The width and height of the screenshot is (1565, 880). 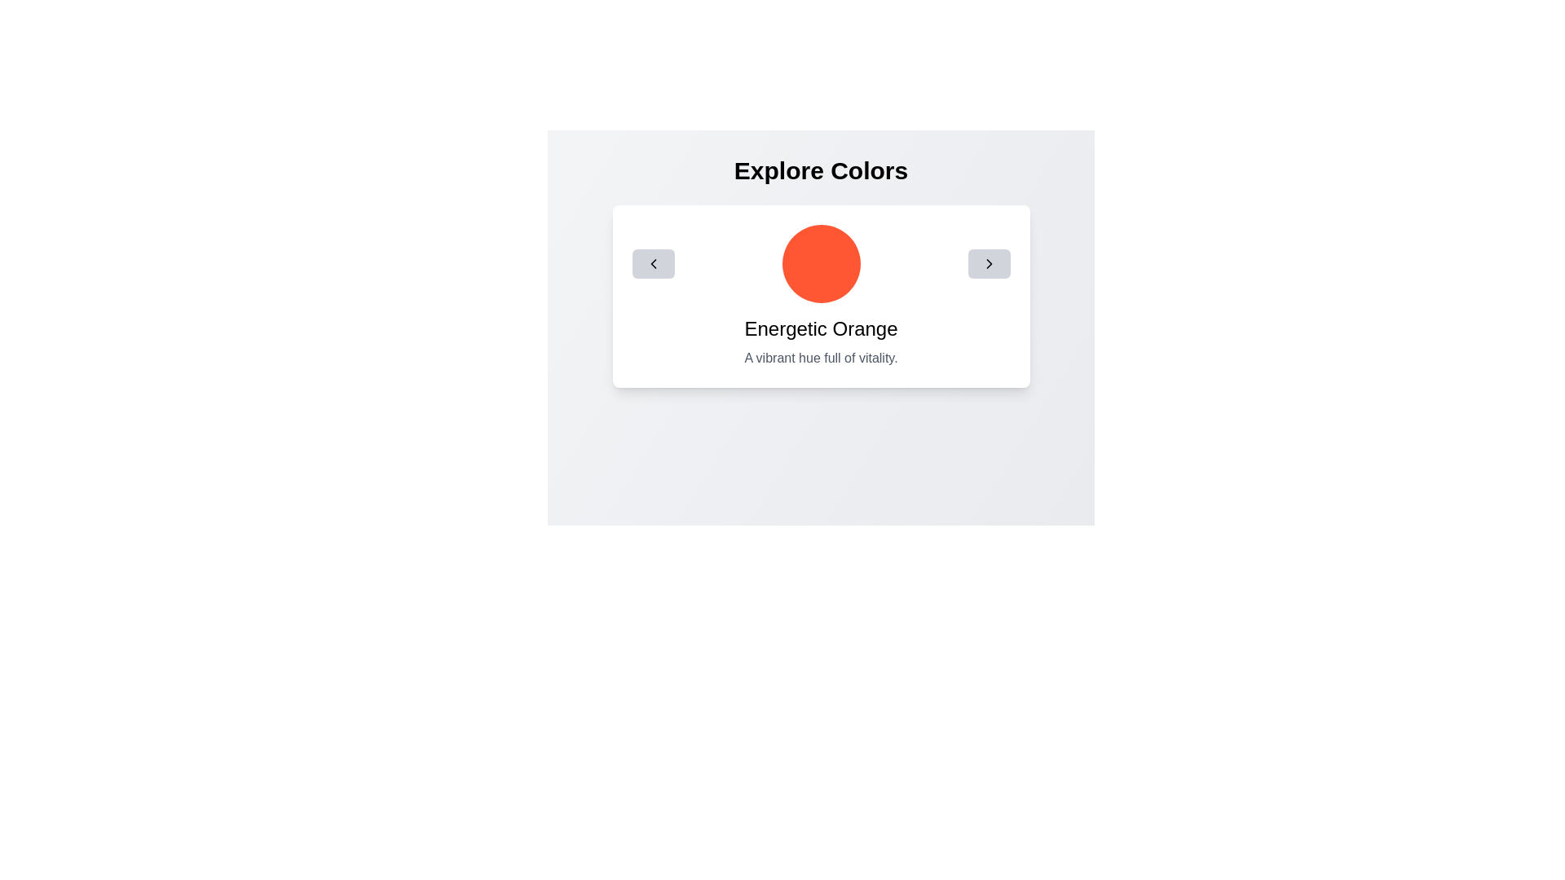 What do you see at coordinates (821, 329) in the screenshot?
I see `the Text label that identifies the color displayed above it, located below a circular orange graphic and above descriptive text` at bounding box center [821, 329].